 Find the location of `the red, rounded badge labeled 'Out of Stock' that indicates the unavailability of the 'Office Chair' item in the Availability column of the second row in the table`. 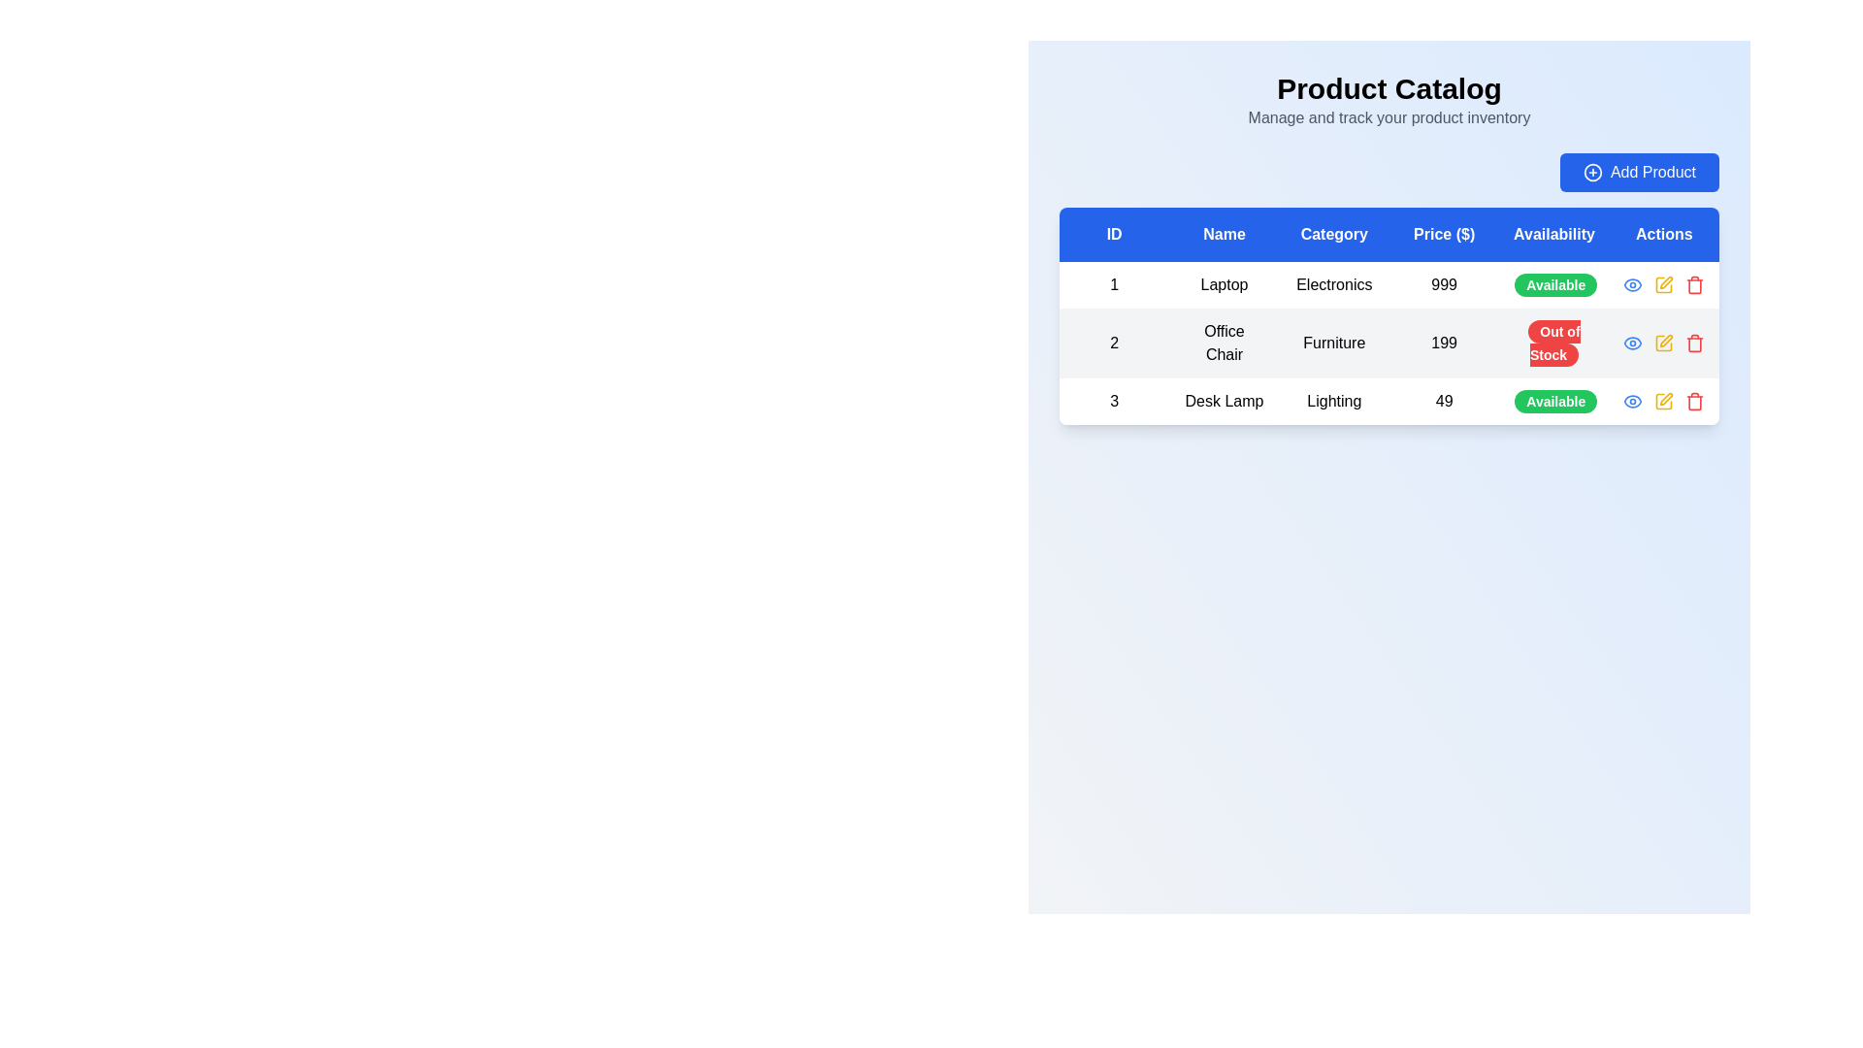

the red, rounded badge labeled 'Out of Stock' that indicates the unavailability of the 'Office Chair' item in the Availability column of the second row in the table is located at coordinates (1554, 343).